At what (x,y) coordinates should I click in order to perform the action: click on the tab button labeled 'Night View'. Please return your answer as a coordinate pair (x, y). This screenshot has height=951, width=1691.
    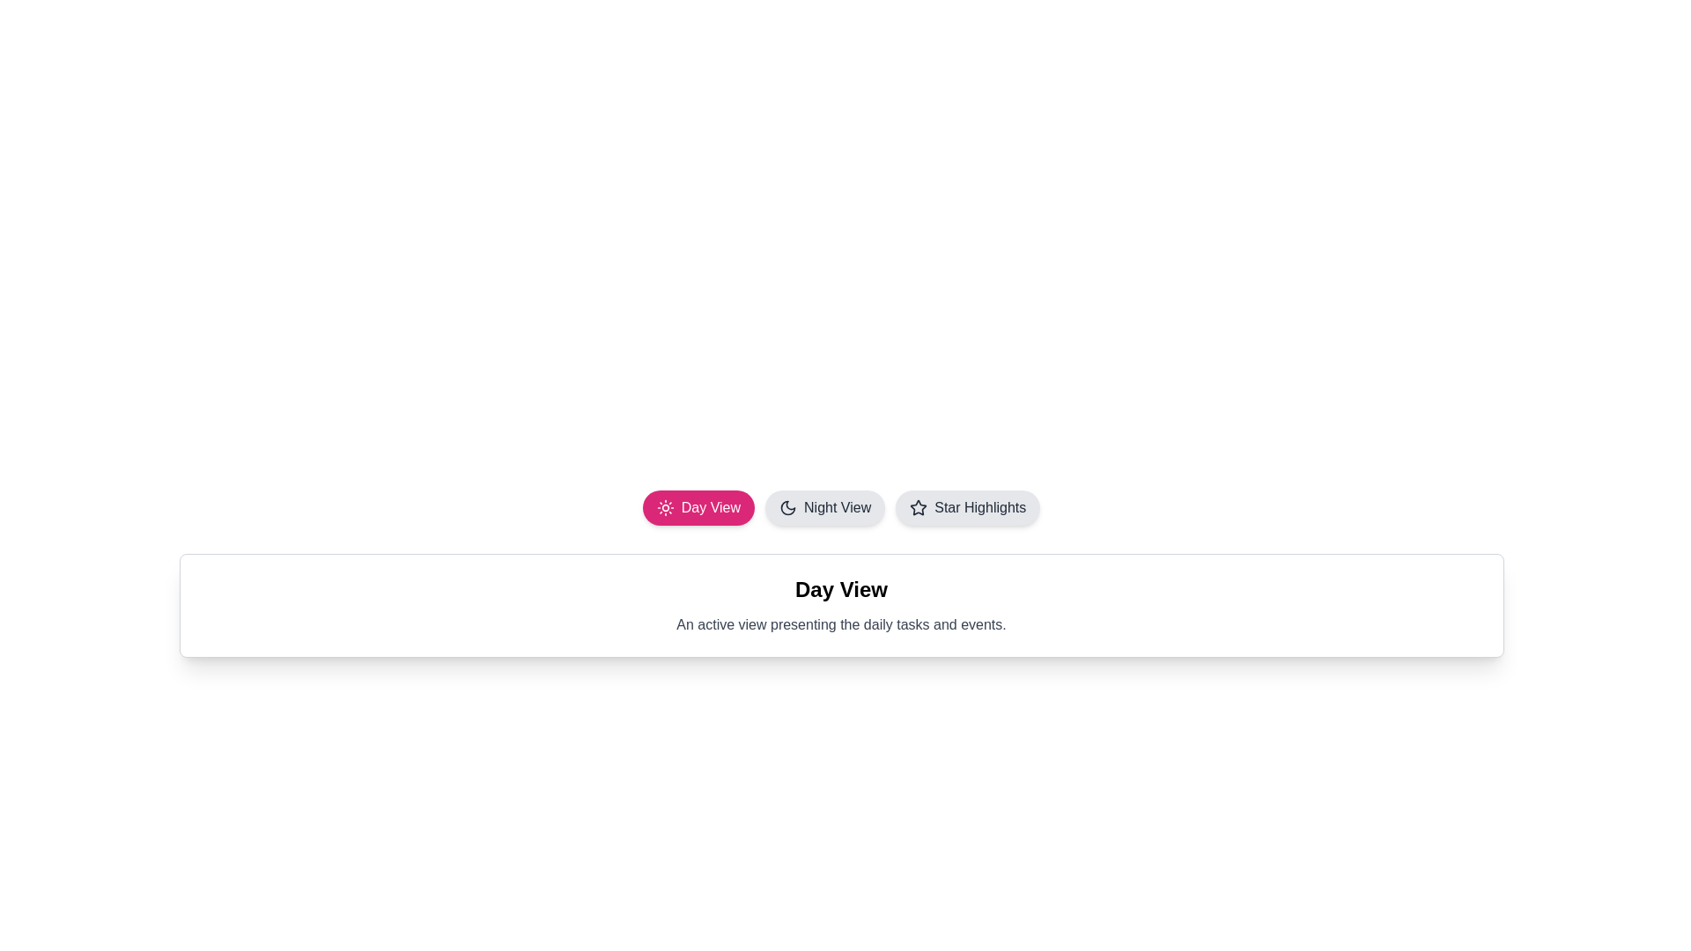
    Looking at the image, I should click on (823, 508).